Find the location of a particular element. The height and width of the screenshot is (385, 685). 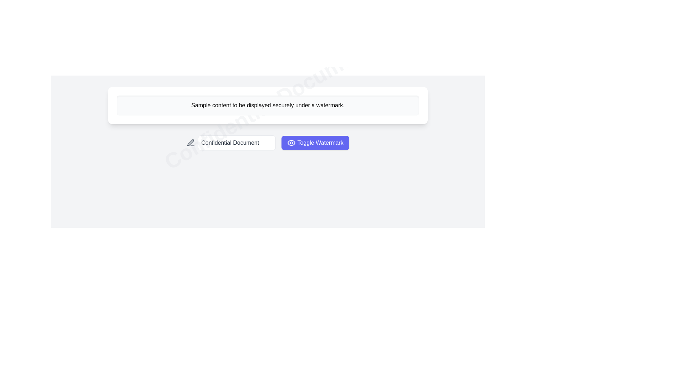

the text label that displays 'Sample content to be displayed securely under a watermark.' which is centered in a light gray box is located at coordinates (267, 106).